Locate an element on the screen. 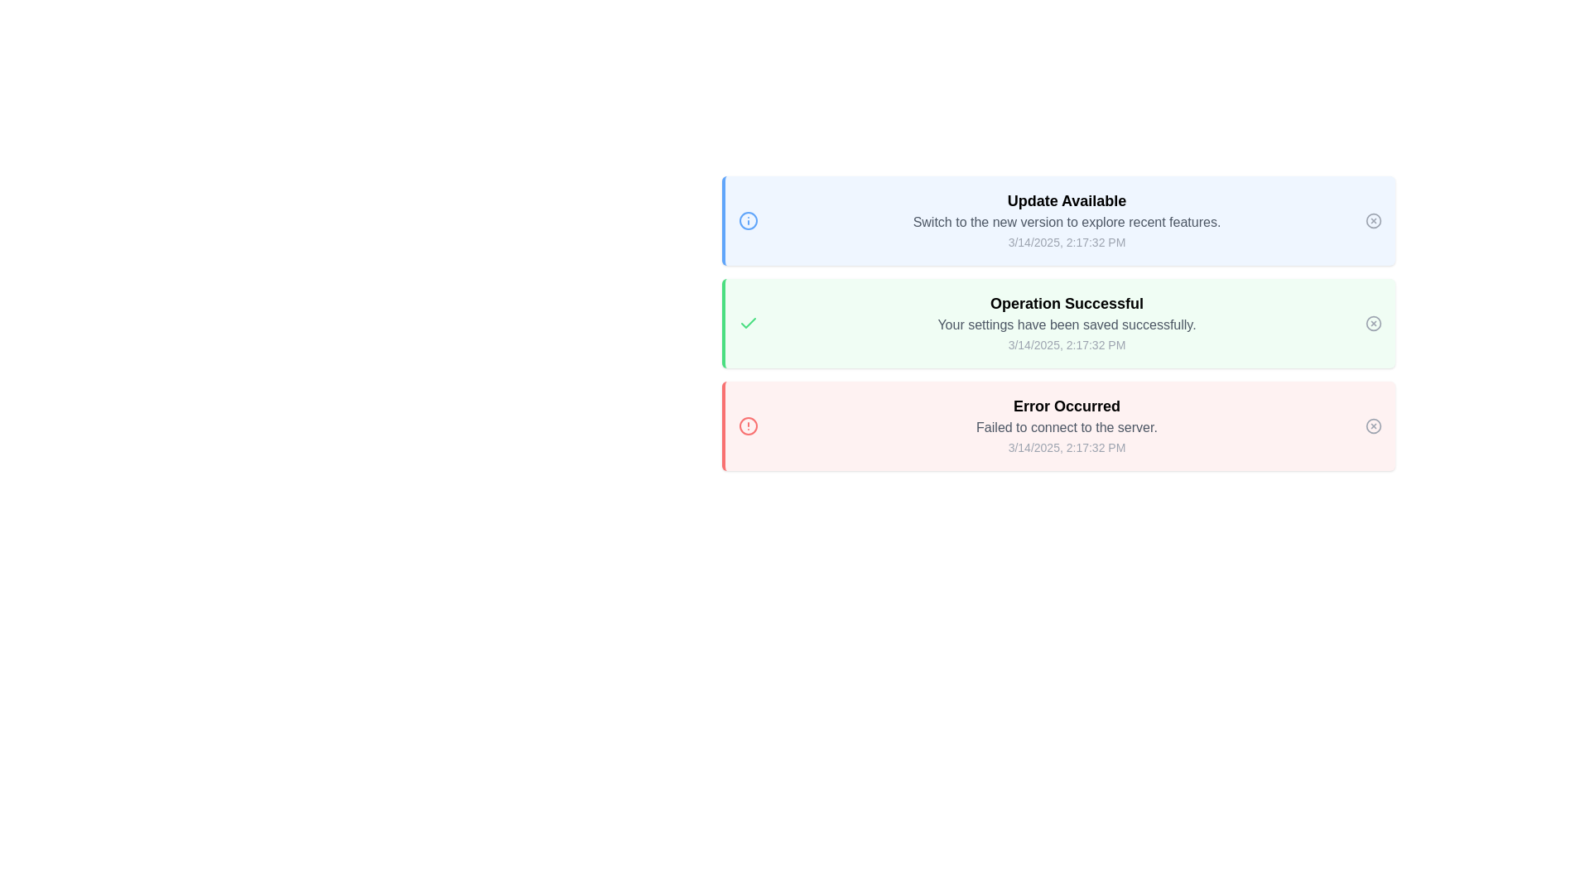  the bold and large text header displaying 'Error Occurred', which is styled with a light red background and indicates an error context is located at coordinates (1067, 406).